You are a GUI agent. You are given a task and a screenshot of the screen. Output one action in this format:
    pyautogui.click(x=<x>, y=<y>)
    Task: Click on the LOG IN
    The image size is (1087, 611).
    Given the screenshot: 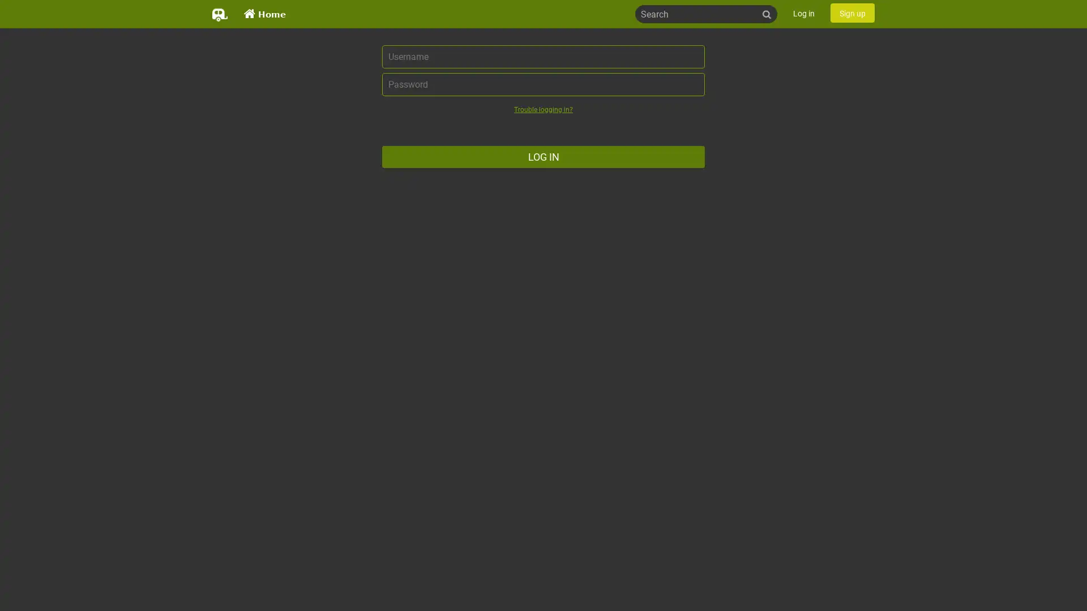 What is the action you would take?
    pyautogui.click(x=543, y=157)
    